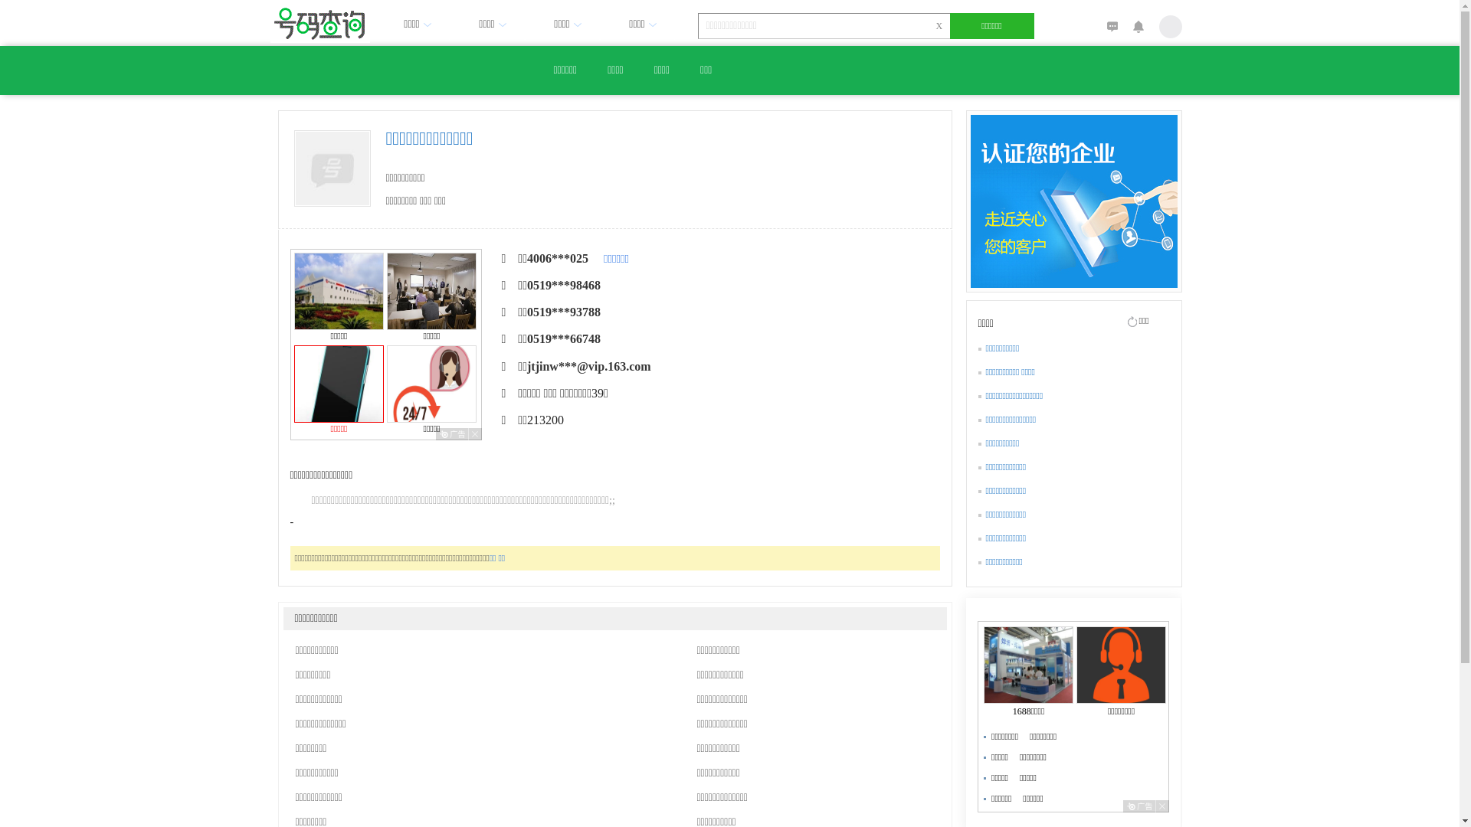  What do you see at coordinates (939, 26) in the screenshot?
I see `'X'` at bounding box center [939, 26].